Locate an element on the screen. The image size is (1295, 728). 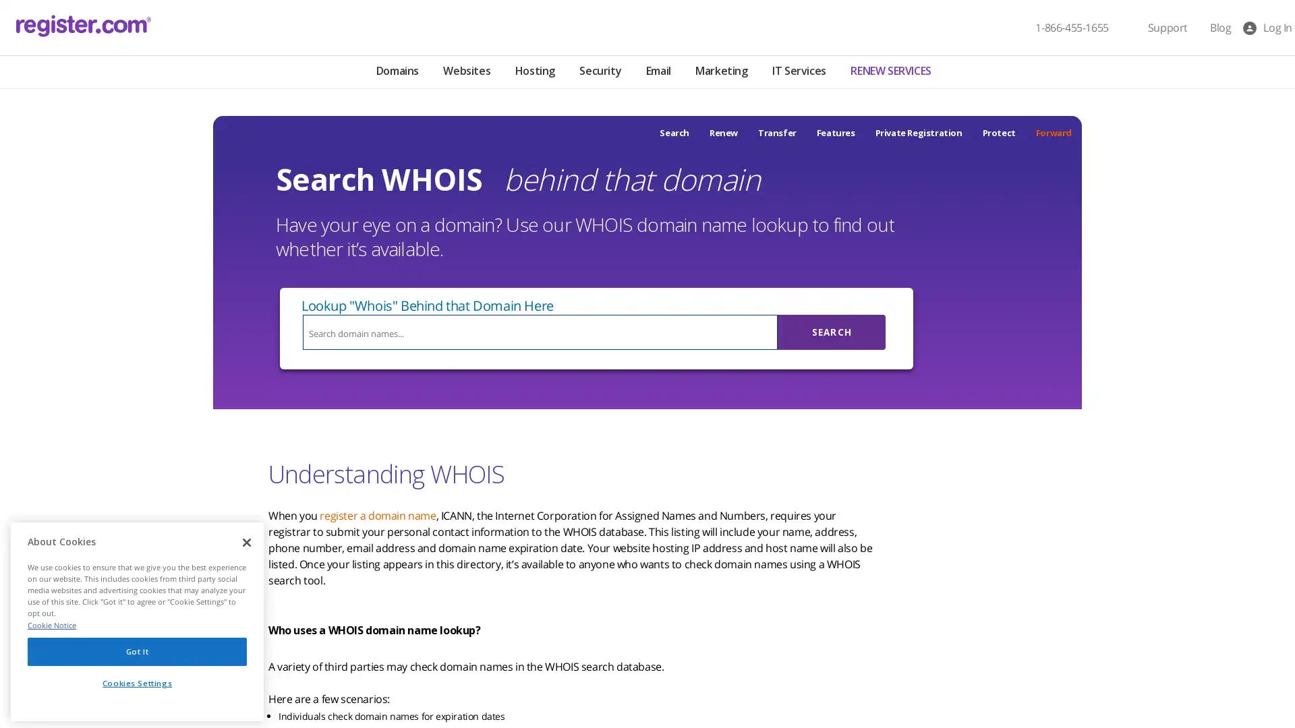
Search is located at coordinates (831, 332).